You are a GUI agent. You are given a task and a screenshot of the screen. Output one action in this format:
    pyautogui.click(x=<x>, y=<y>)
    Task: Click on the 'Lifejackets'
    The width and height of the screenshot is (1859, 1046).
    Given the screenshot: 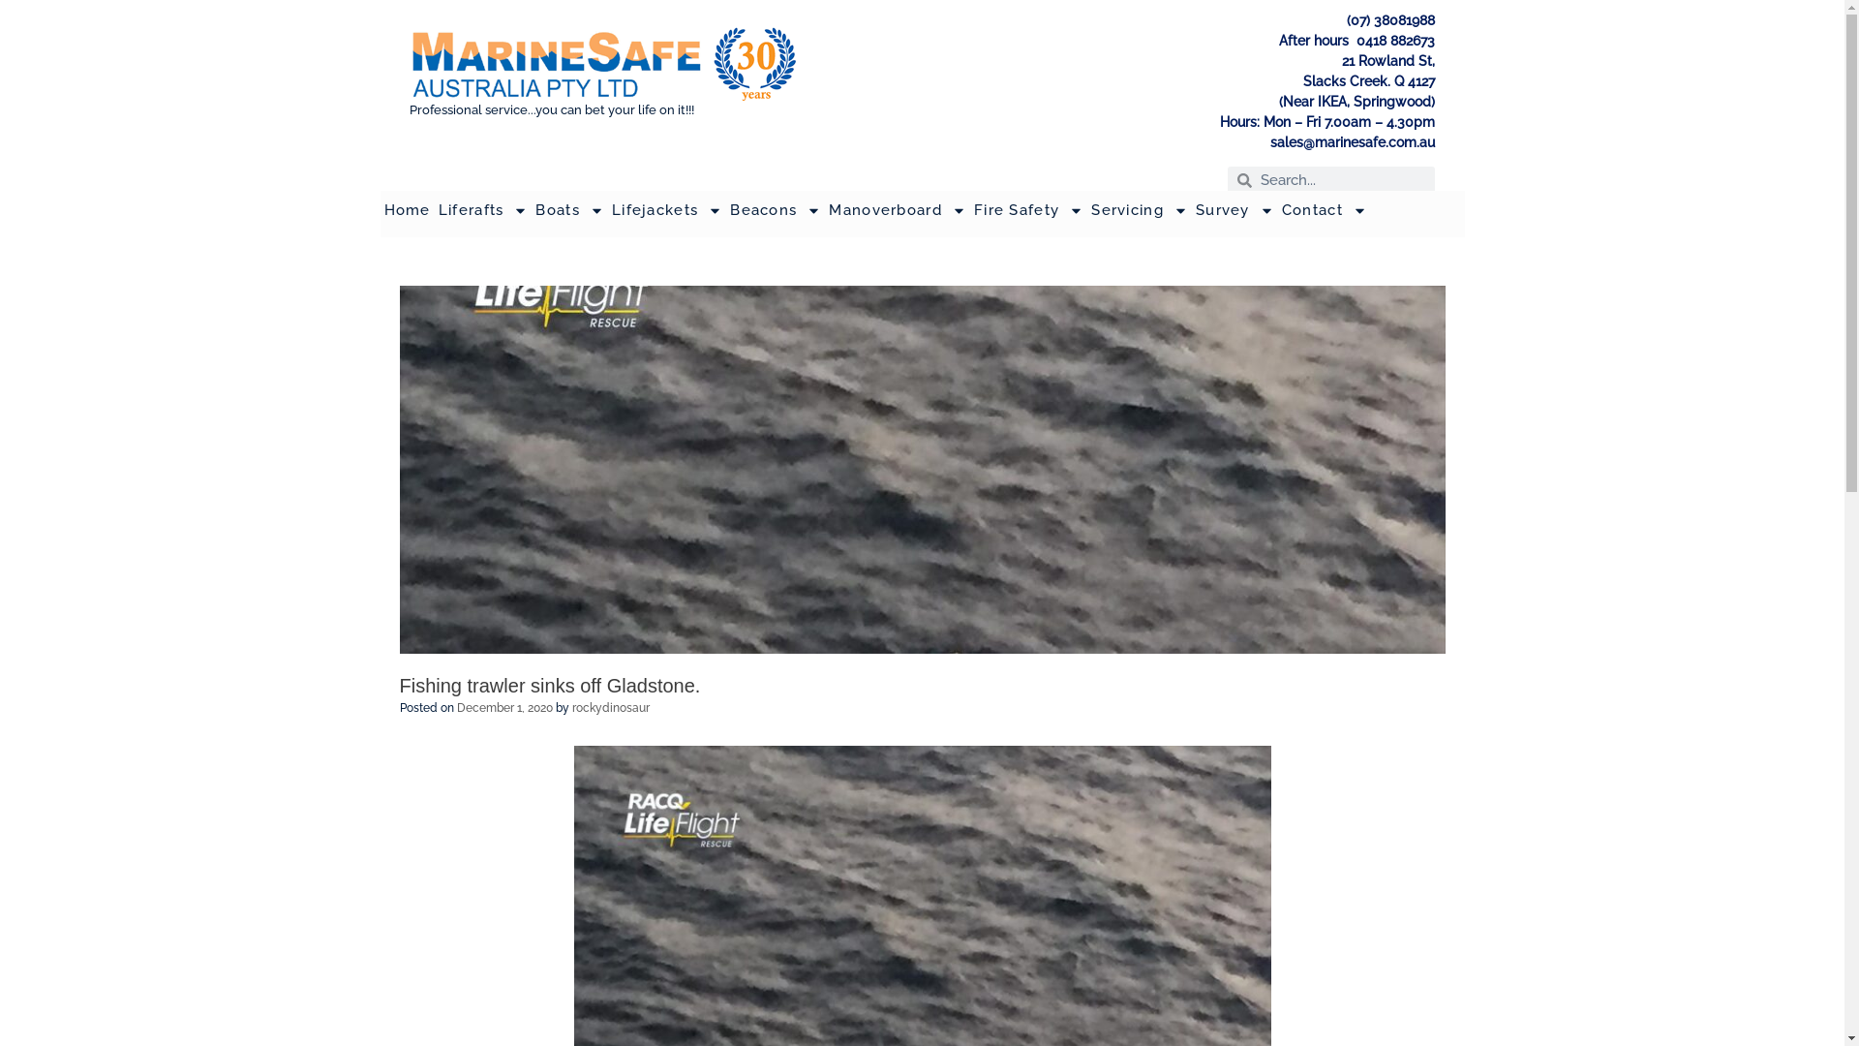 What is the action you would take?
    pyautogui.click(x=667, y=210)
    